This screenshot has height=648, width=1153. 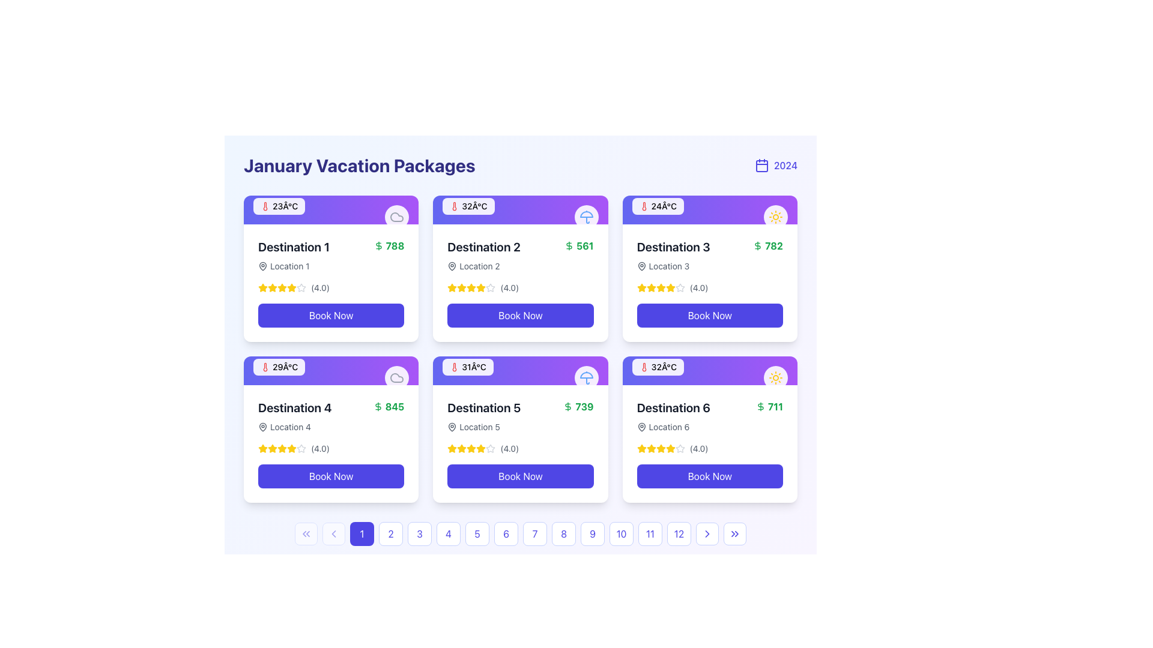 What do you see at coordinates (521, 283) in the screenshot?
I see `the descriptive details of the vacation destination in the Information Panel located in the second card of the vacation packages grid, which is positioned below the purple header displaying the temperature` at bounding box center [521, 283].